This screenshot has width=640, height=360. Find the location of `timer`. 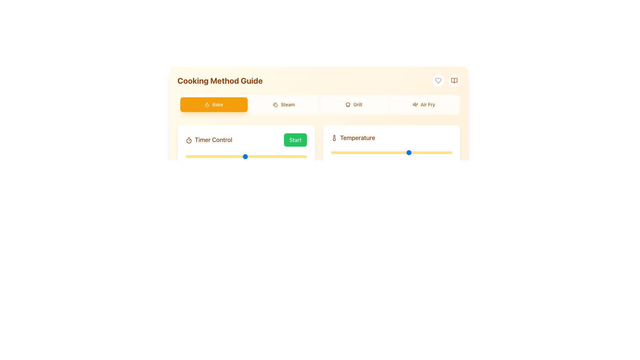

timer is located at coordinates (263, 157).